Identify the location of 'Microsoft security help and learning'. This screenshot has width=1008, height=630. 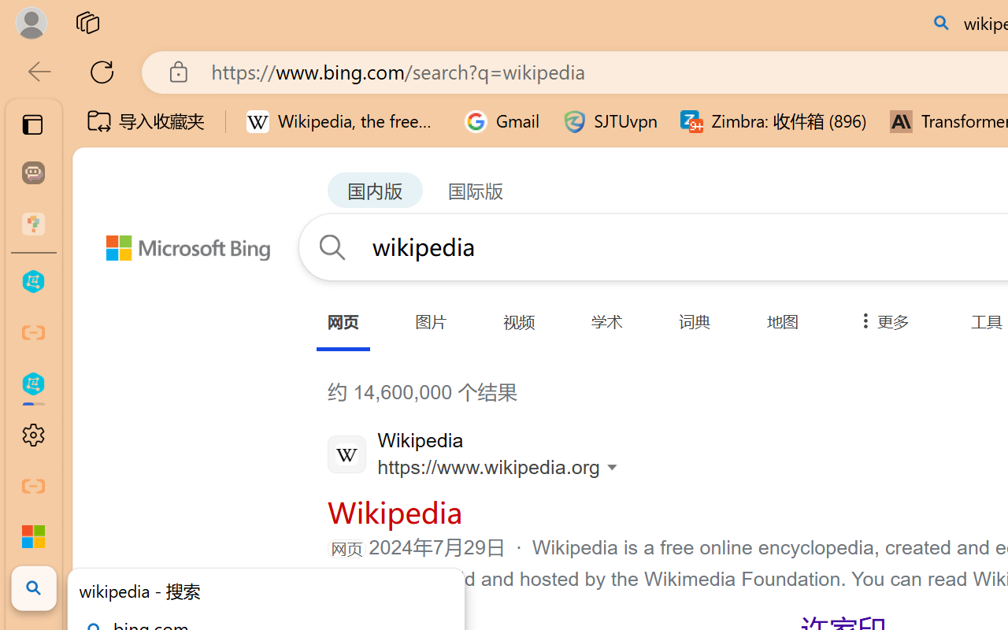
(33, 537).